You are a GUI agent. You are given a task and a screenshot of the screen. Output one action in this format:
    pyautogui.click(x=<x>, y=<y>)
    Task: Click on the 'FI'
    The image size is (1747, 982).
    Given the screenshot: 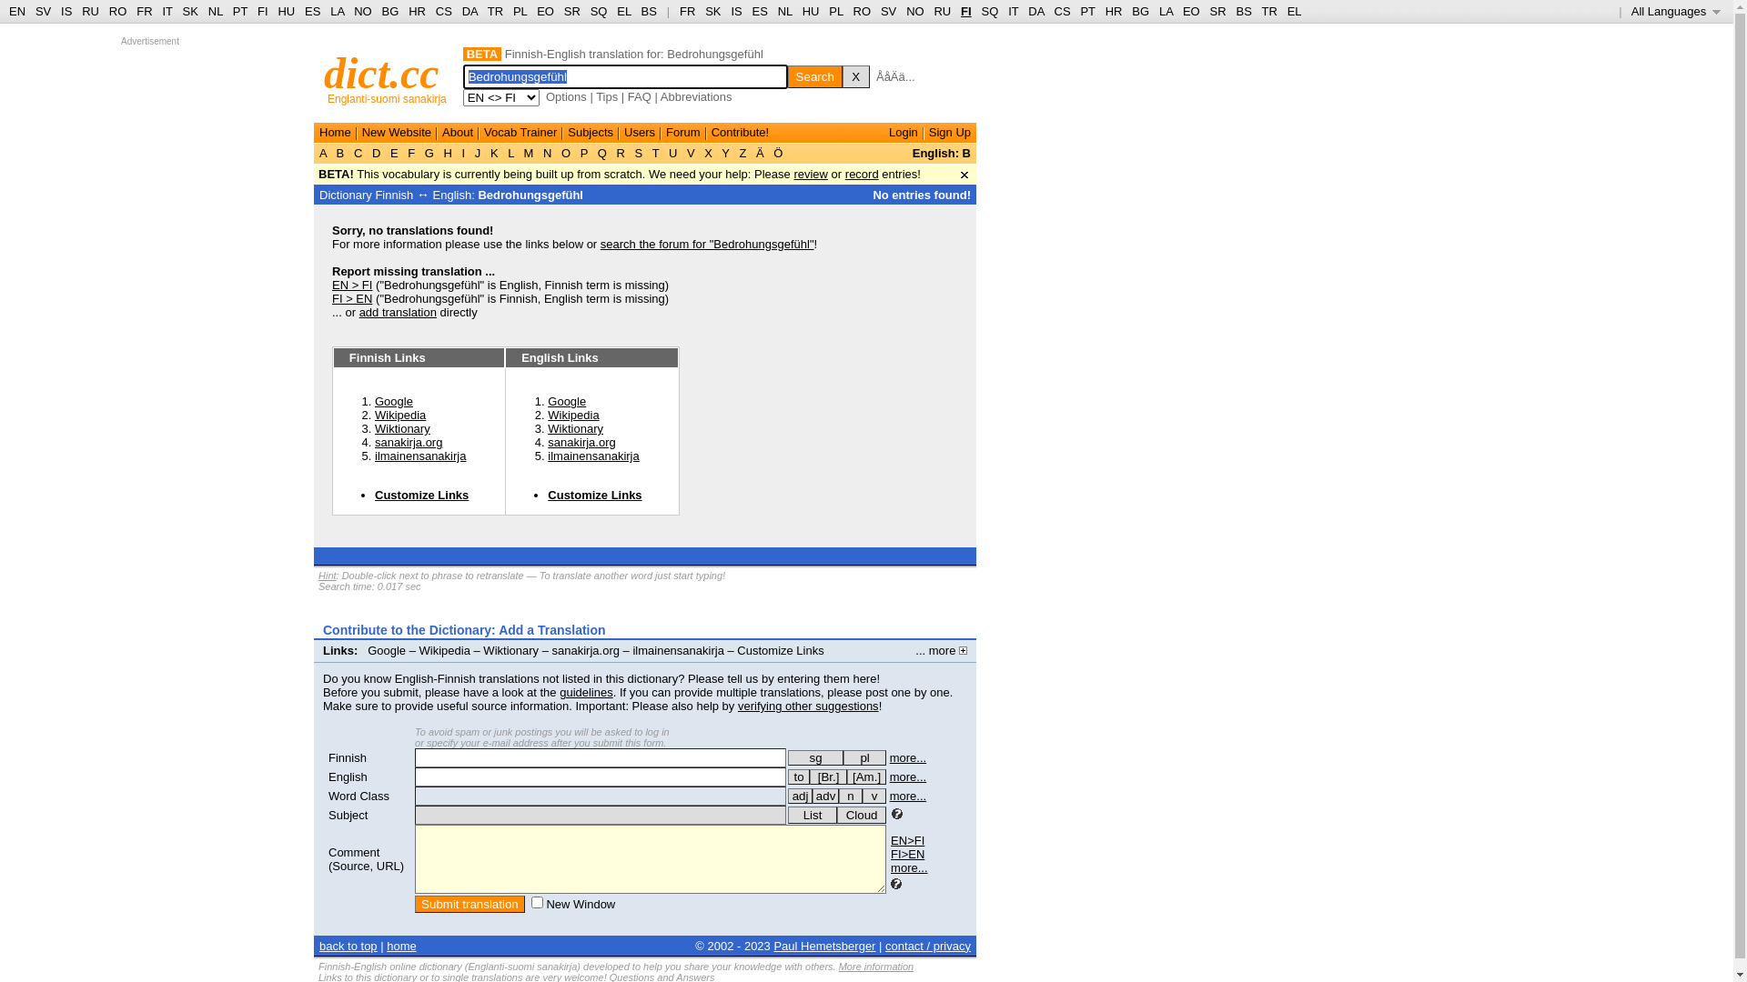 What is the action you would take?
    pyautogui.click(x=257, y=11)
    